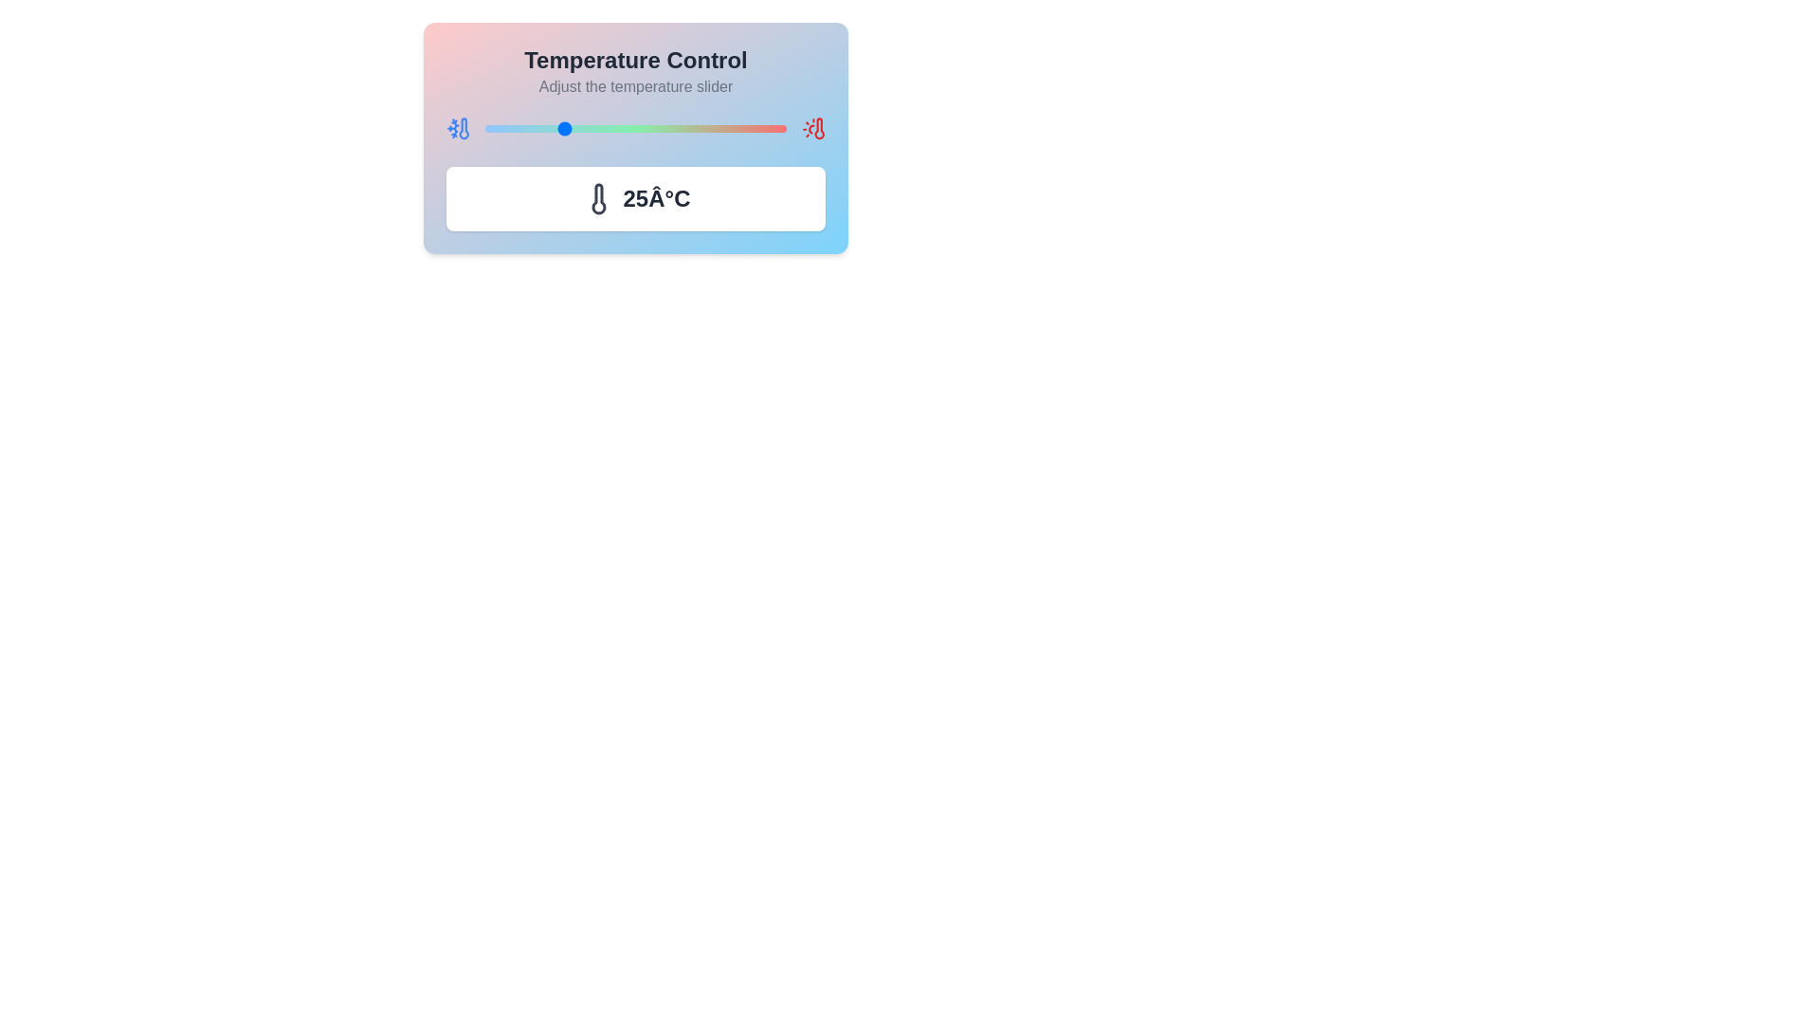 The height and width of the screenshot is (1024, 1820). What do you see at coordinates (755, 128) in the screenshot?
I see `the temperature to 90°C by adjusting the slider` at bounding box center [755, 128].